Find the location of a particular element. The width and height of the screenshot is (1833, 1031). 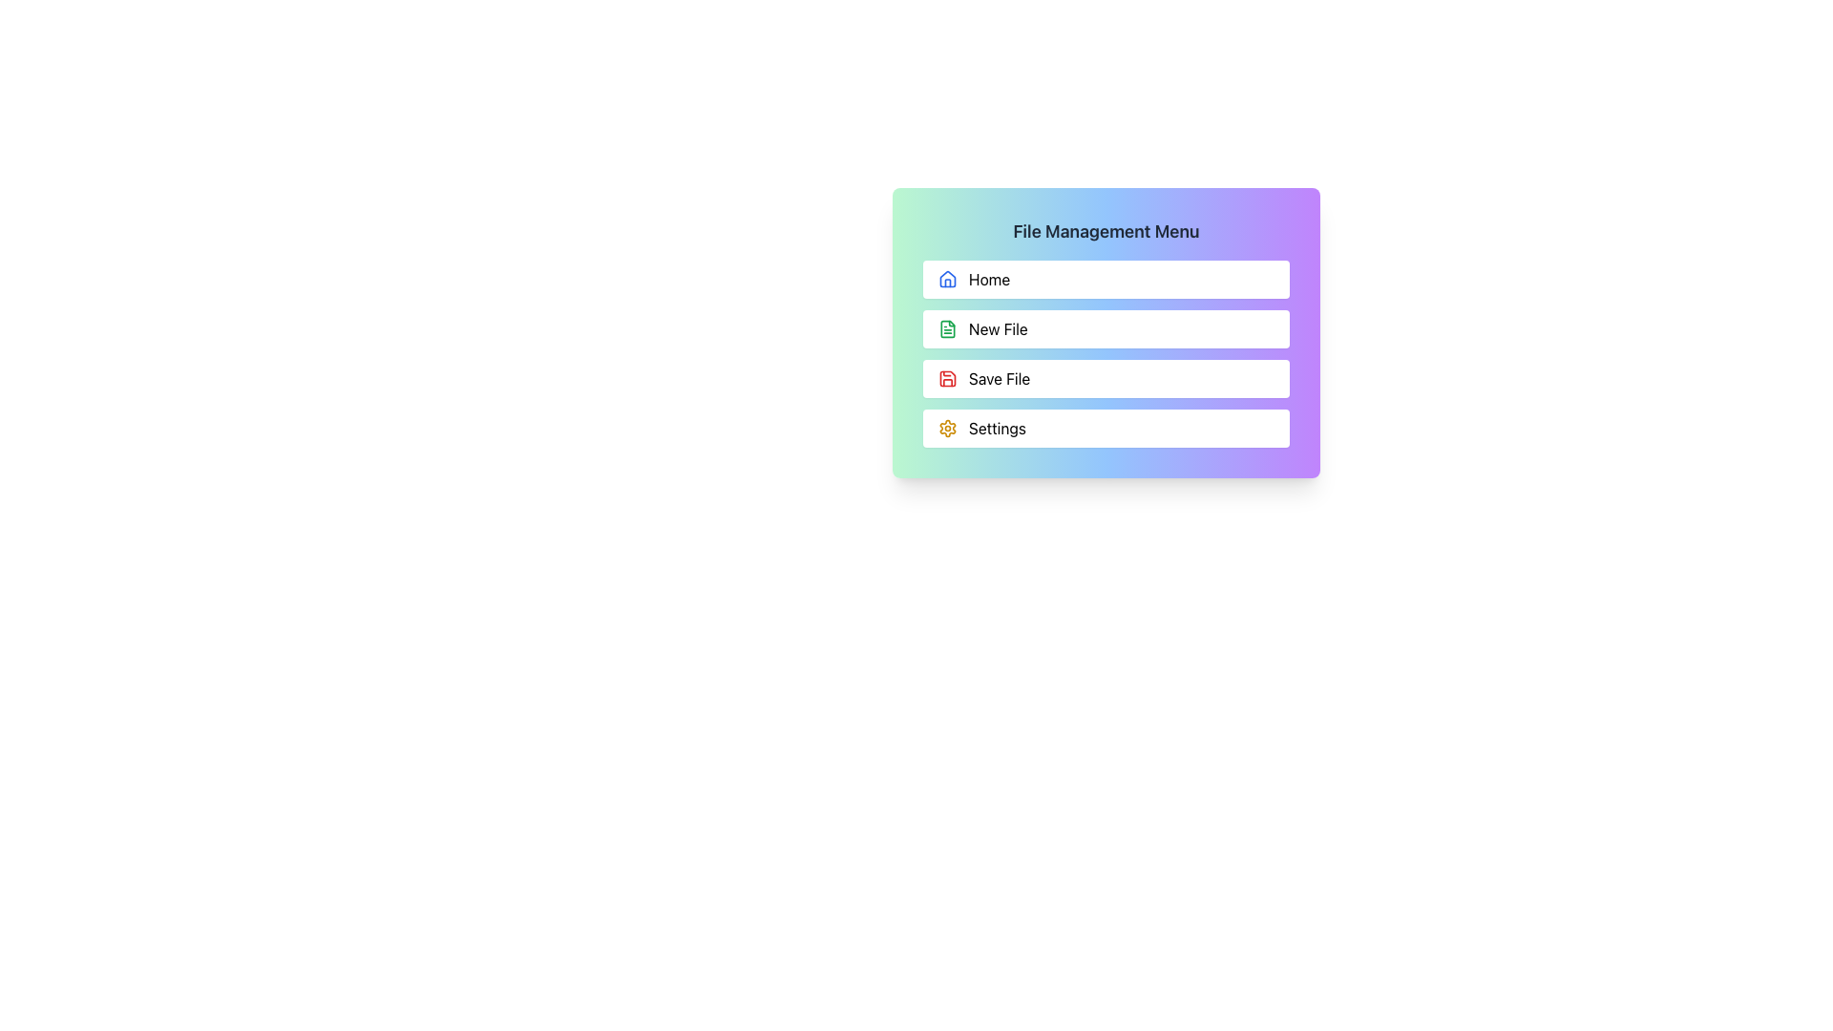

the 'New File' button, which is a rectangular button with a white background and rounded corners, located in the 'File Management Menu' below the 'Home' button is located at coordinates (1106, 331).